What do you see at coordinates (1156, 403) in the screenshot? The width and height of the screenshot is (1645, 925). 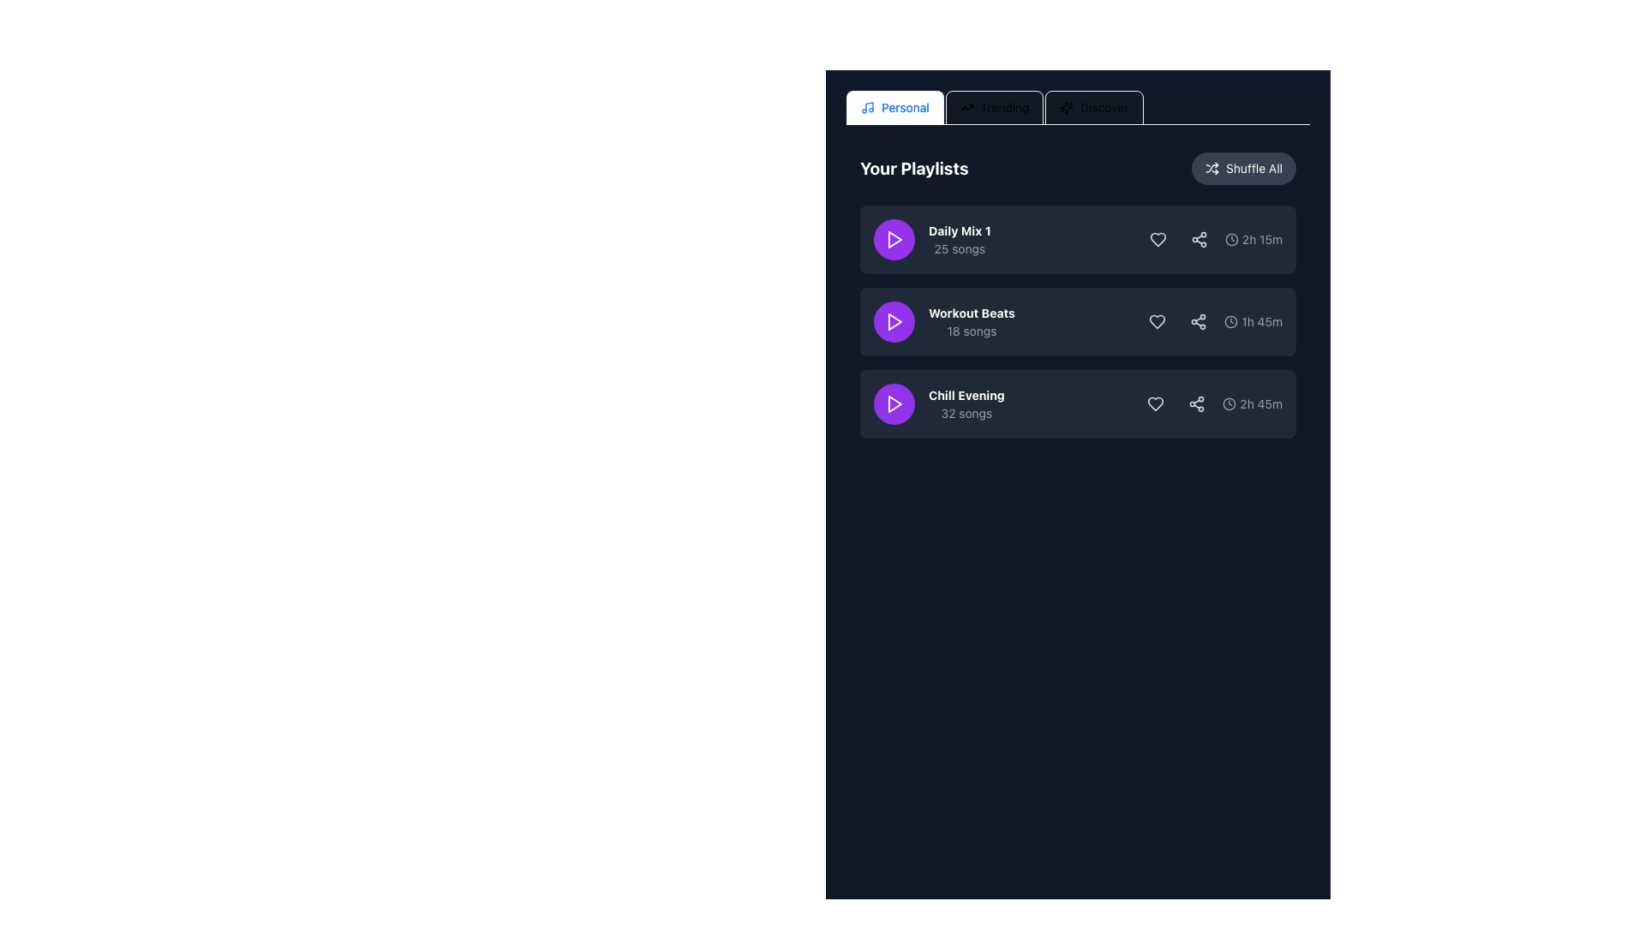 I see `the heart-shaped icon button with a hollow center in the lower-right section of the 'Chill Evening' playlist item` at bounding box center [1156, 403].